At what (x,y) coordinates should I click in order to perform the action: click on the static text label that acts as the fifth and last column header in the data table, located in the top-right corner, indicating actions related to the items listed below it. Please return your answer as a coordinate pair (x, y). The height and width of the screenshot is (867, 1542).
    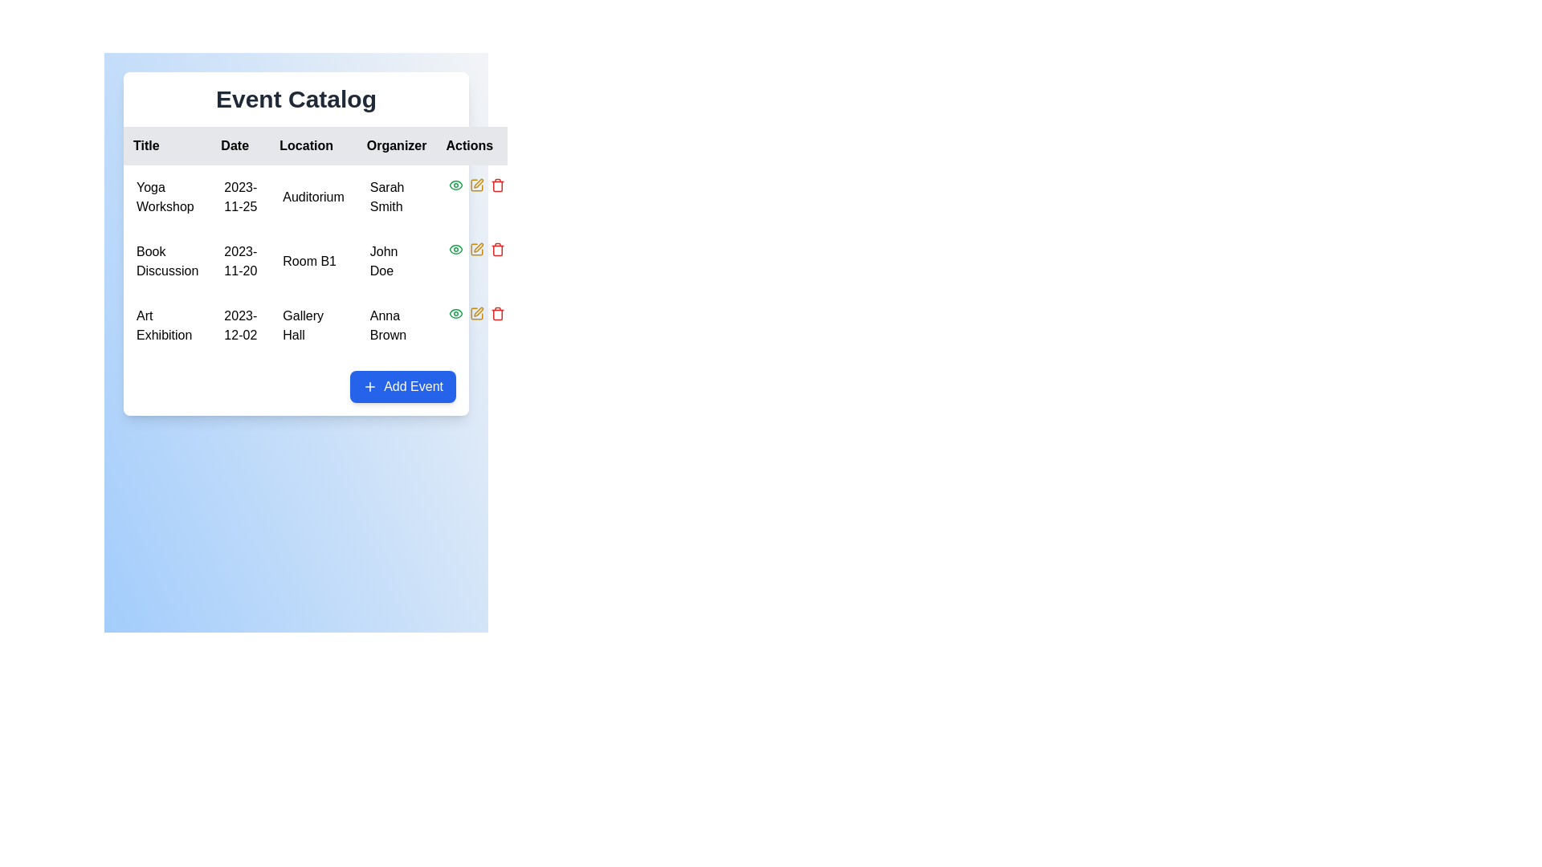
    Looking at the image, I should click on (476, 145).